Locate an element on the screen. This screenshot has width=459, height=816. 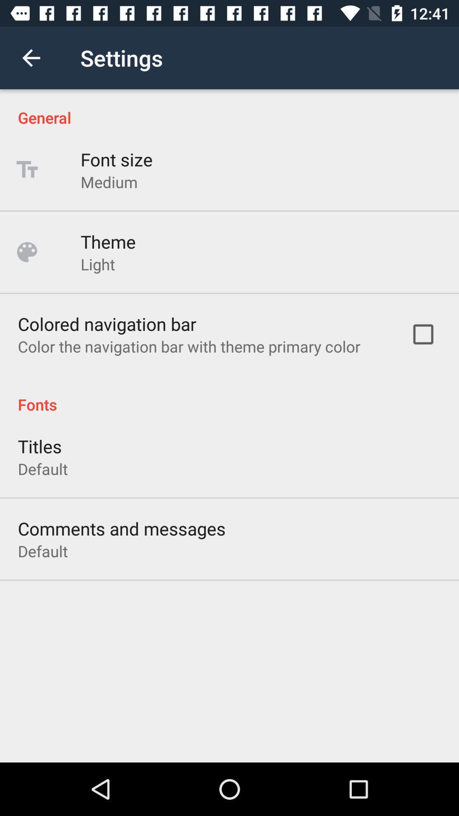
icon above the default is located at coordinates (40, 446).